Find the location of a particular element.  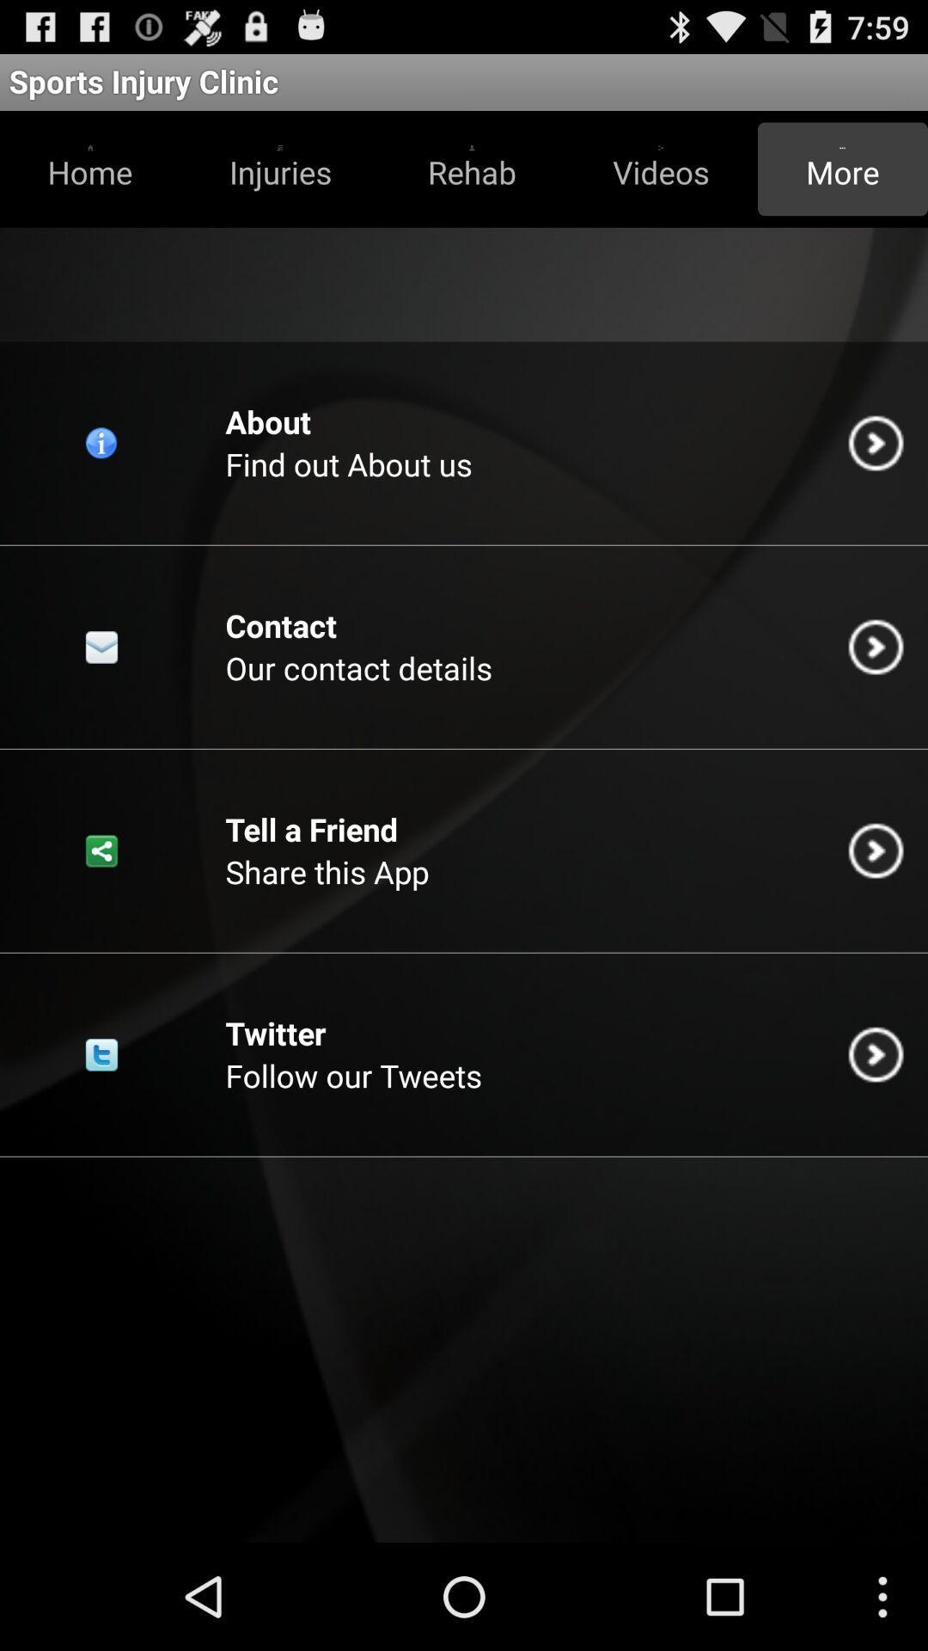

app next to the follow our tweets is located at coordinates (876, 1053).